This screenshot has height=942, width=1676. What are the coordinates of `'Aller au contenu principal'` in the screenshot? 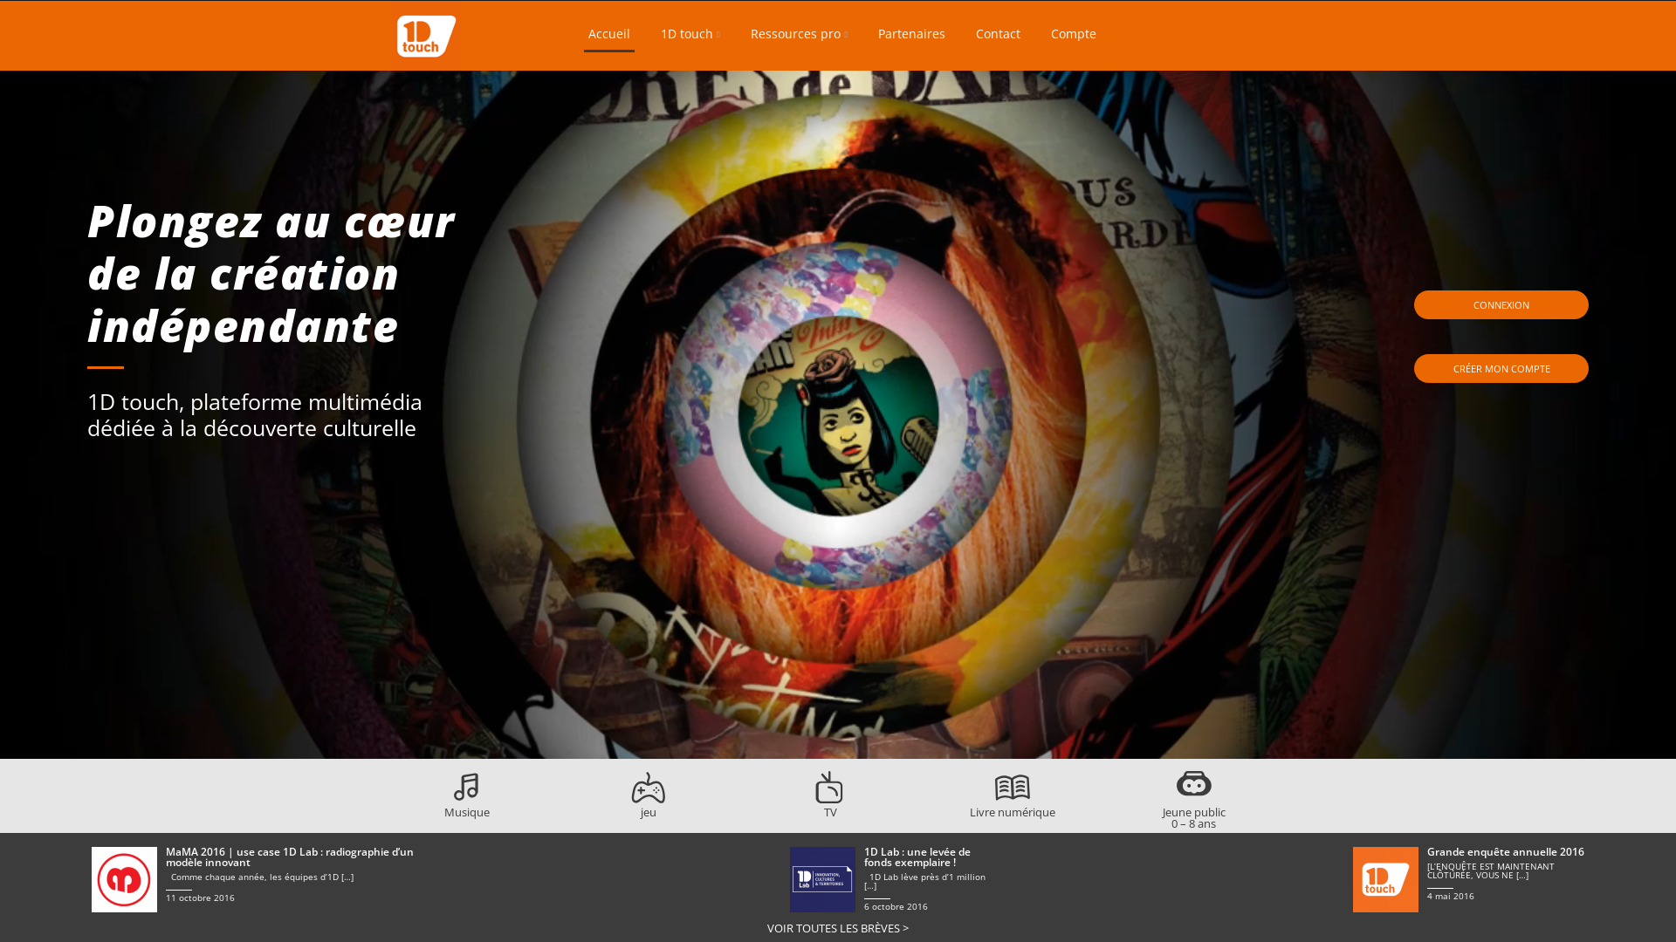 It's located at (842, 13).